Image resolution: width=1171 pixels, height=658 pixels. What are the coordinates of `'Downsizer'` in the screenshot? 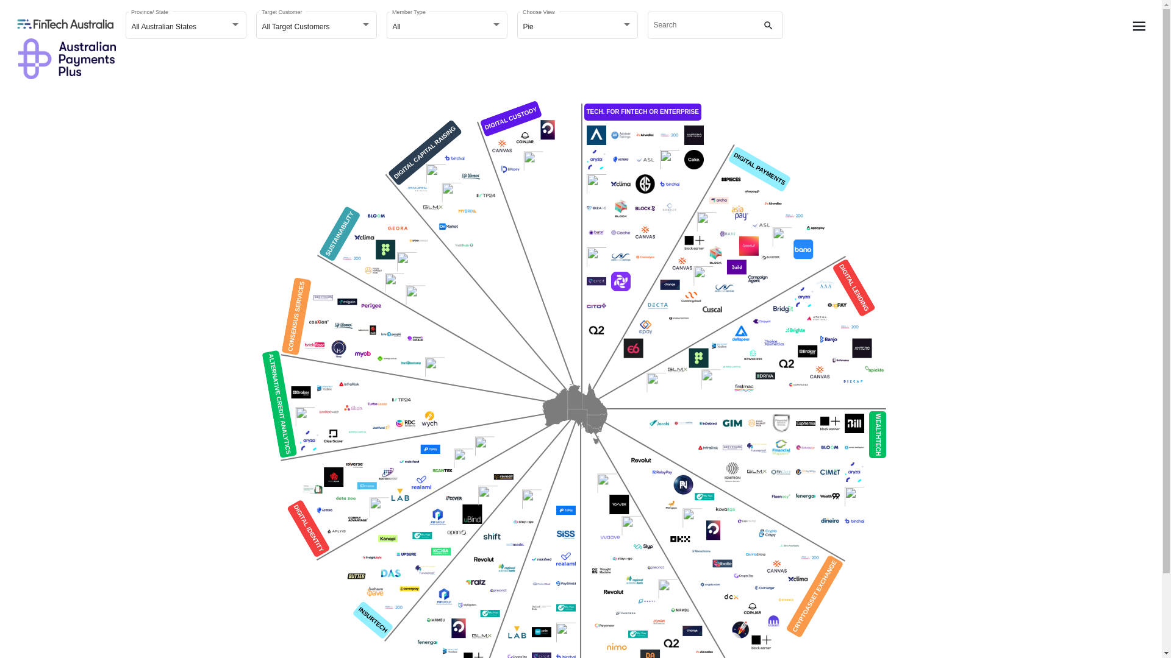 It's located at (751, 355).